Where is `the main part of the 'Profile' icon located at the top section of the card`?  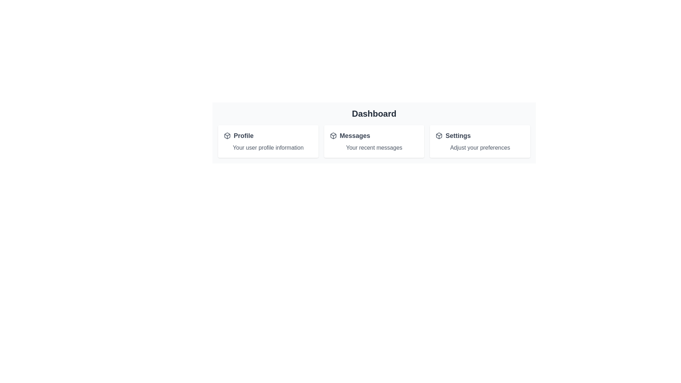 the main part of the 'Profile' icon located at the top section of the card is located at coordinates (227, 135).